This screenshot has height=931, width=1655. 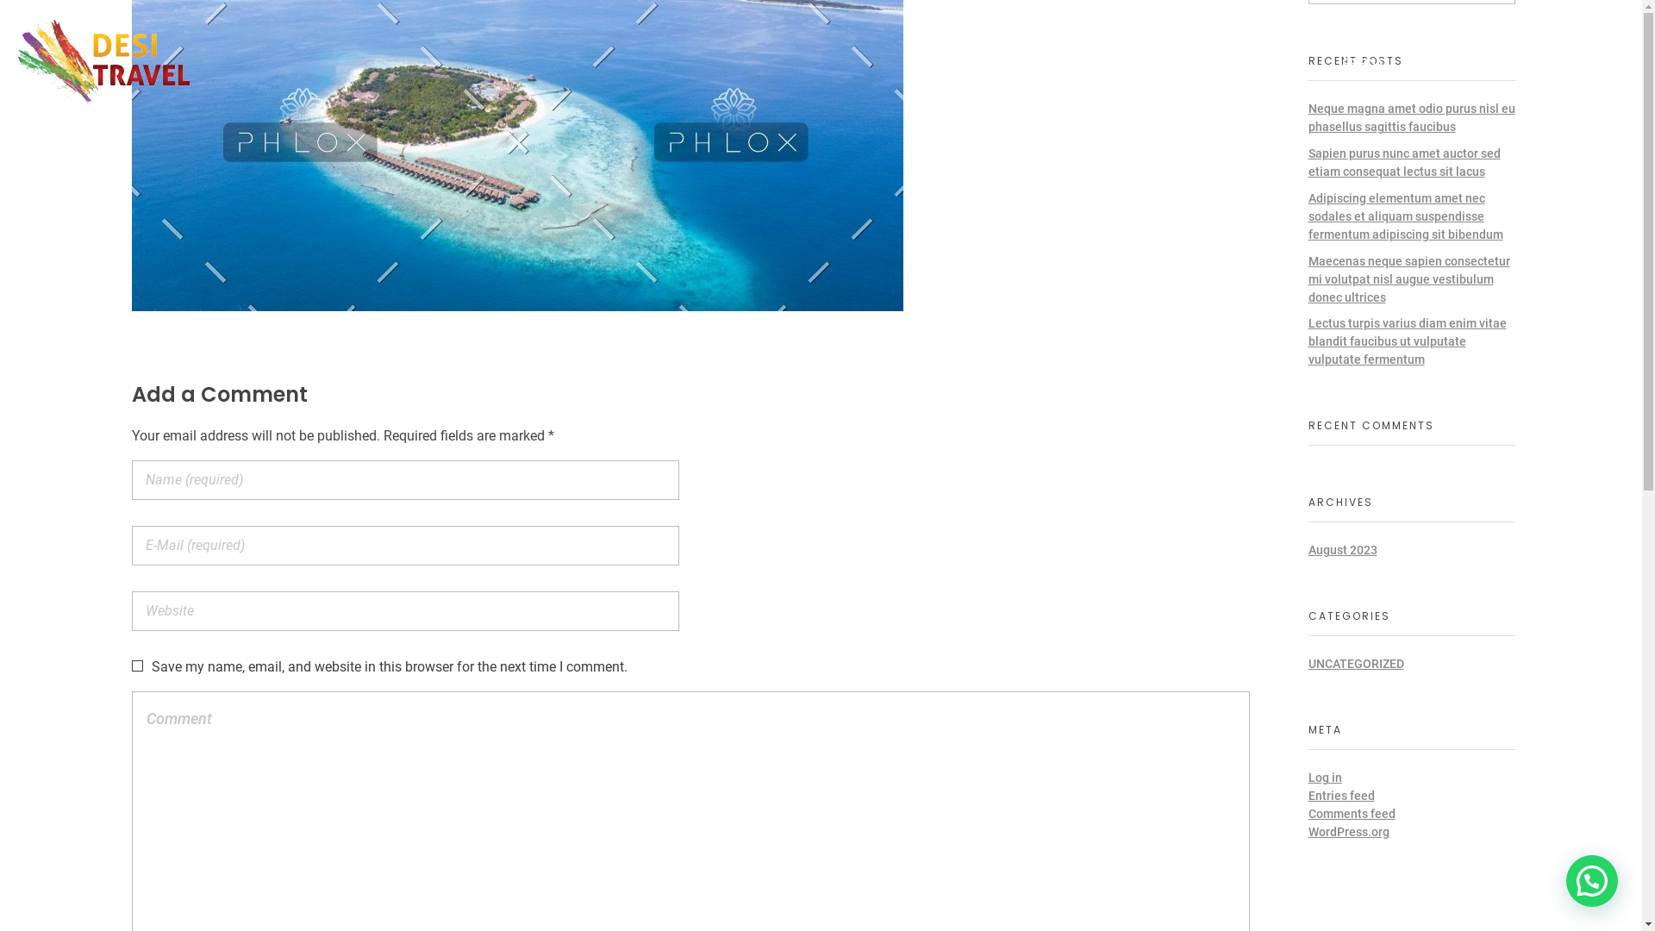 What do you see at coordinates (1342, 549) in the screenshot?
I see `'August 2023'` at bounding box center [1342, 549].